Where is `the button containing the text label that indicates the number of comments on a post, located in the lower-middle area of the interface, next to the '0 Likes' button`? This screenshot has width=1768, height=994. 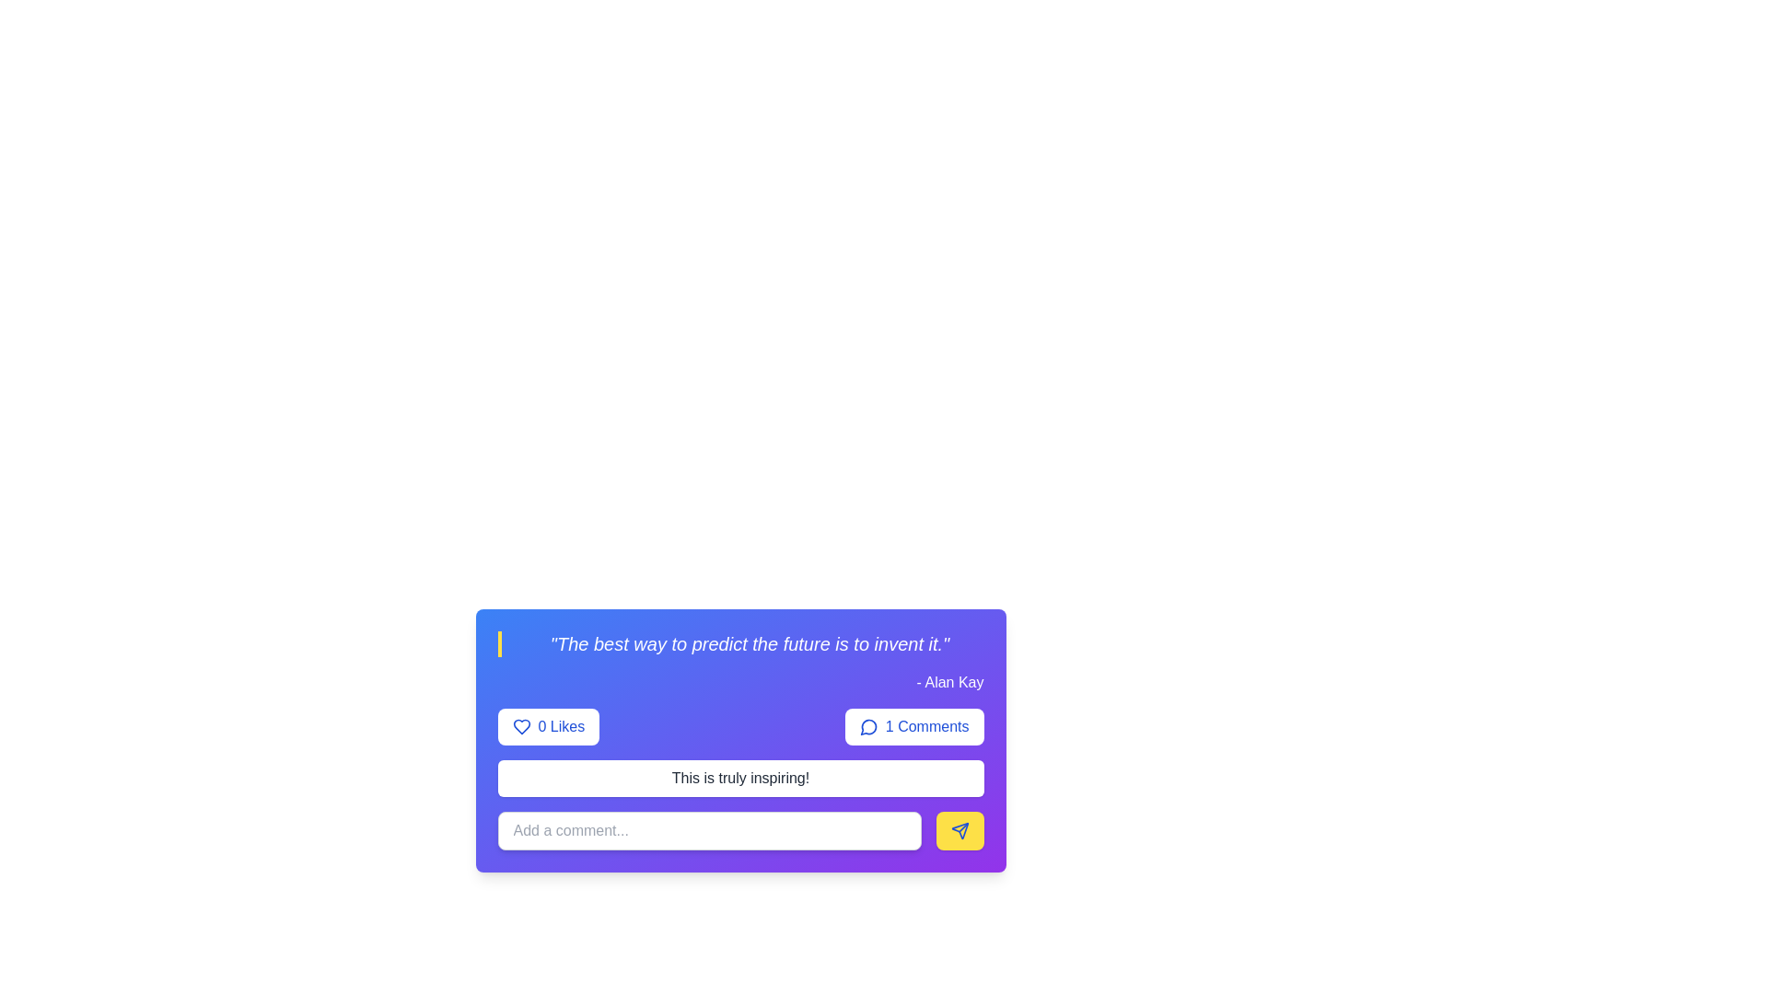 the button containing the text label that indicates the number of comments on a post, located in the lower-middle area of the interface, next to the '0 Likes' button is located at coordinates (927, 726).